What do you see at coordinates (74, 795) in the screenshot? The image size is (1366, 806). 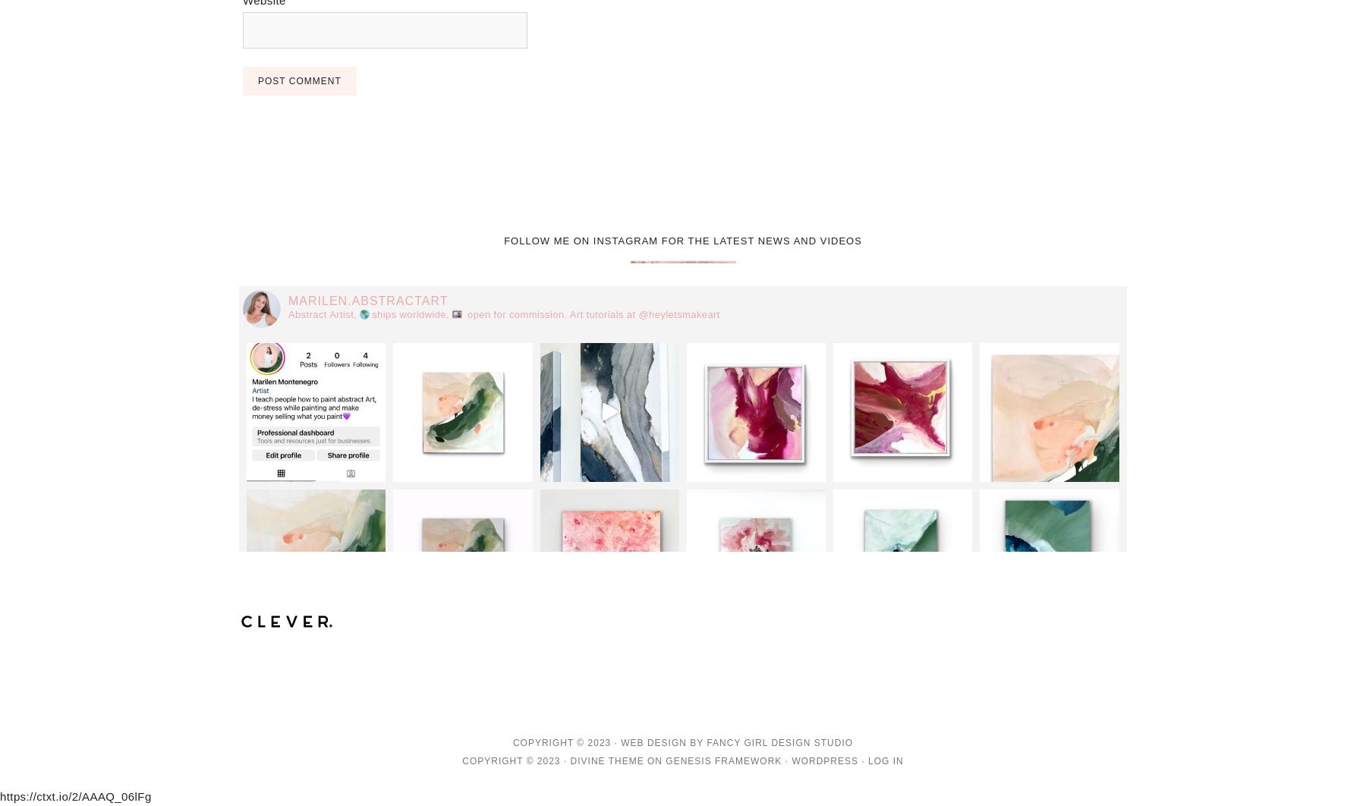 I see `'https://ctxt.io/2/AAAQ_06lFg'` at bounding box center [74, 795].